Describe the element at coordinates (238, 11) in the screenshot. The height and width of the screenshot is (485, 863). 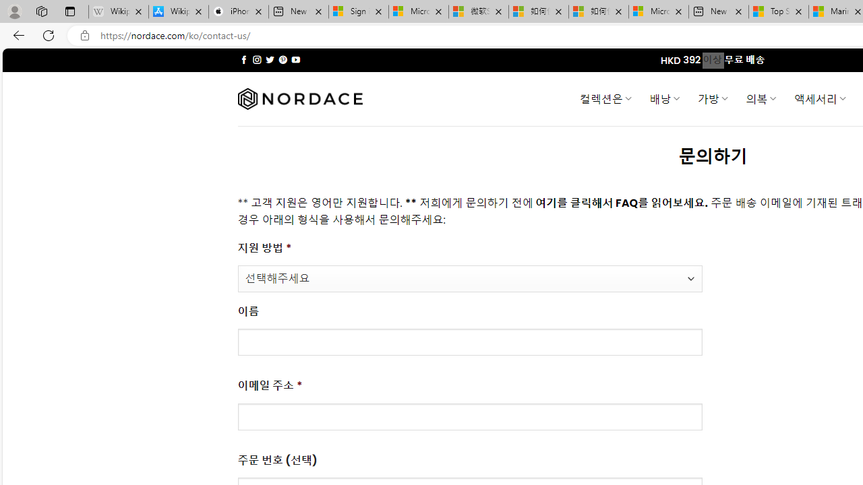
I see `'iPhone - Apple'` at that location.